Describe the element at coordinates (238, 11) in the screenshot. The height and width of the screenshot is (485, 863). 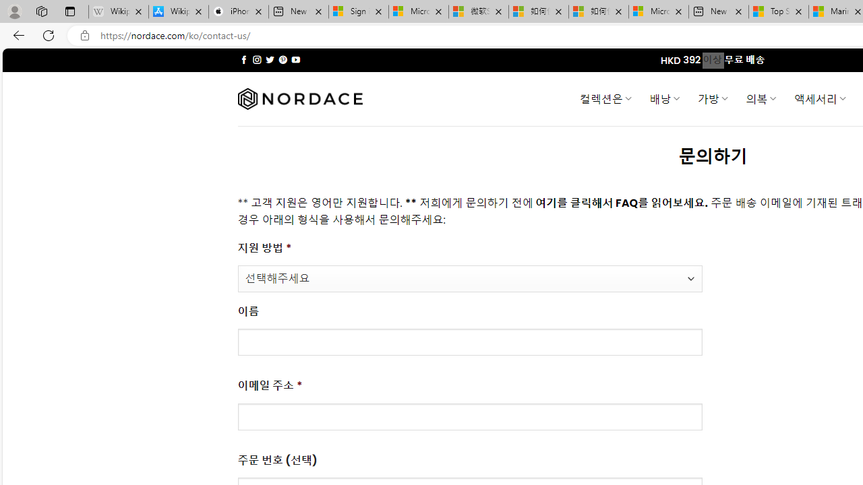
I see `'iPhone - Apple'` at that location.